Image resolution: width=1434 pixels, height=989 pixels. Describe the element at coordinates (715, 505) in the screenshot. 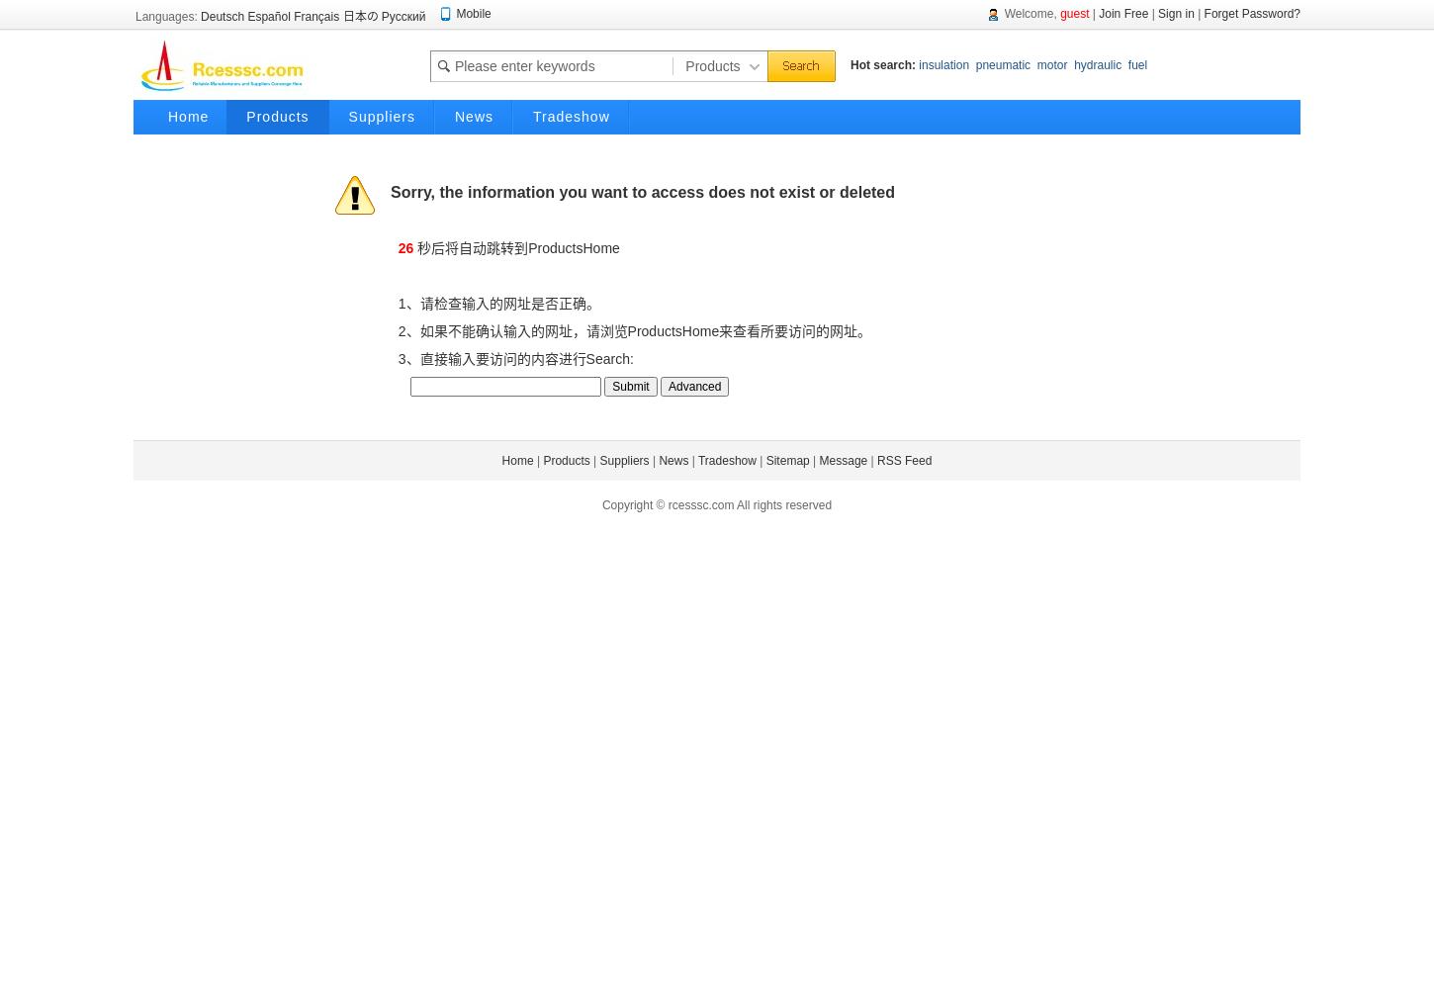

I see `'Copyright © rcesssc.com All rights reserved'` at that location.